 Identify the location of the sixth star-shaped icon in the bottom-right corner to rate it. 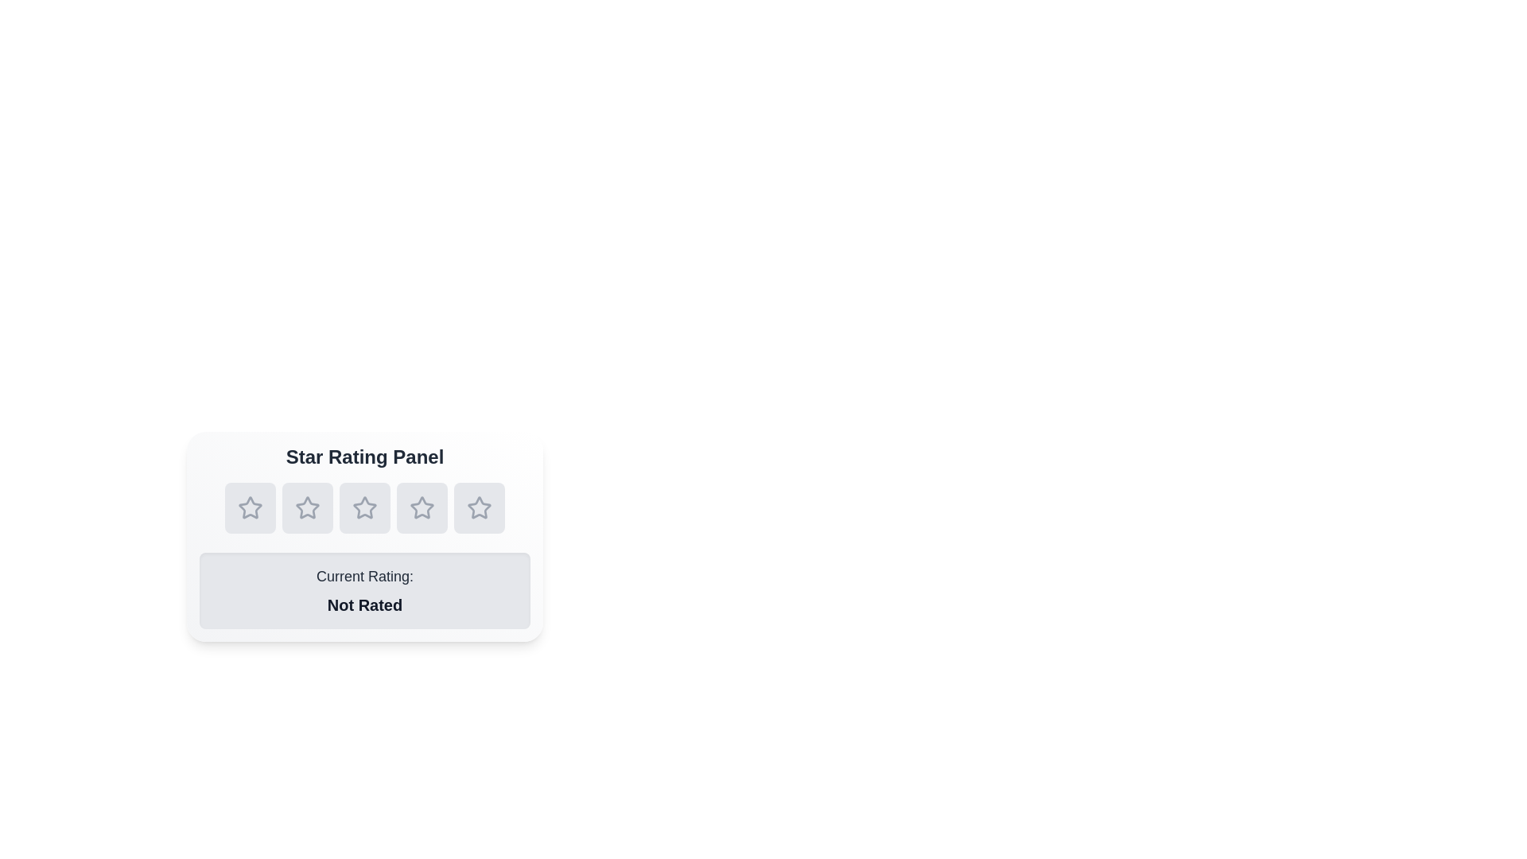
(479, 508).